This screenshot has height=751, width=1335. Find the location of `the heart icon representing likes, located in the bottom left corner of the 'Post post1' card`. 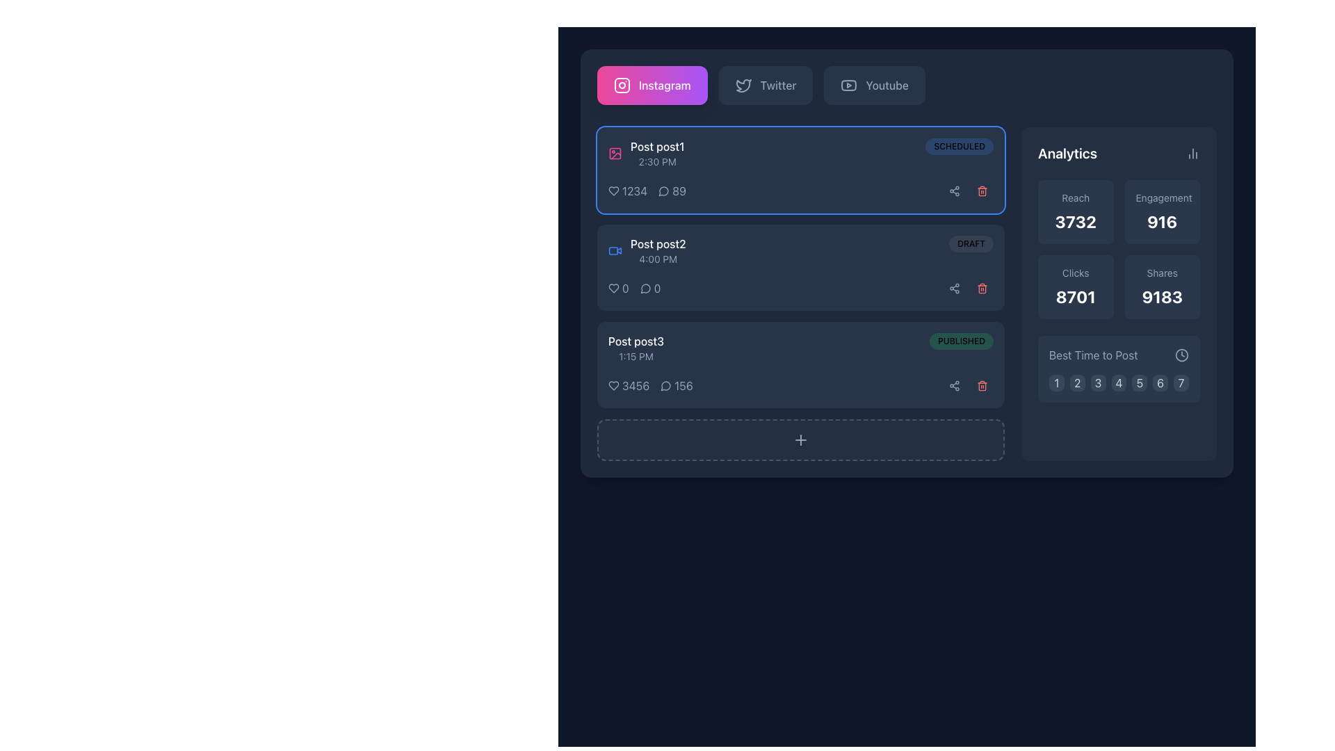

the heart icon representing likes, located in the bottom left corner of the 'Post post1' card is located at coordinates (613, 191).